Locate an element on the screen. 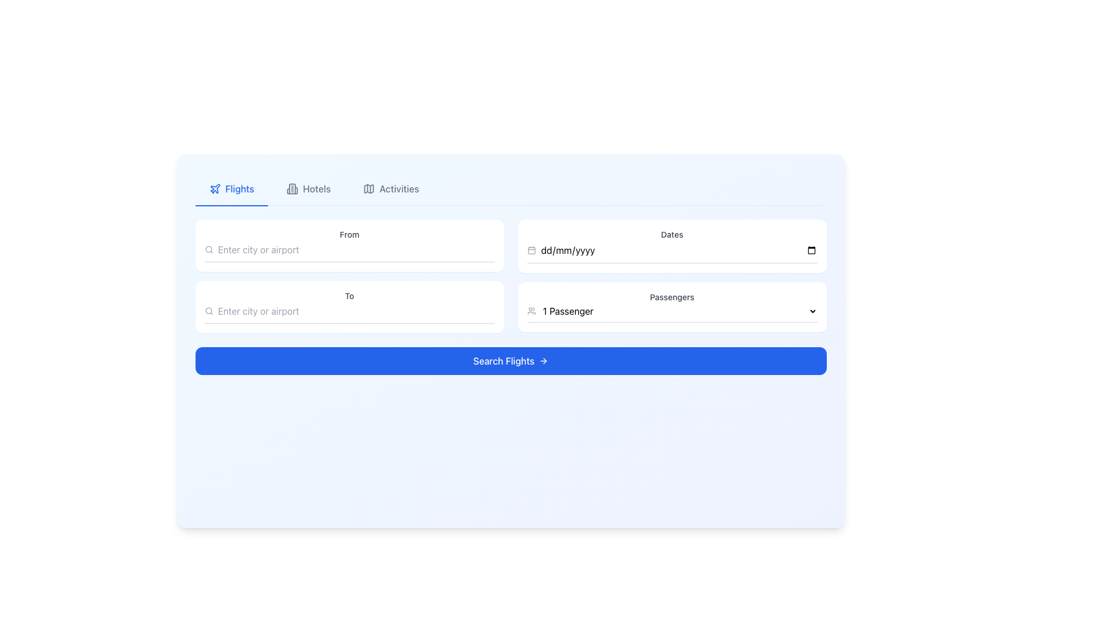  the small map icon in the navigation bar, located to the left of the text 'Activities' is located at coordinates (368, 188).